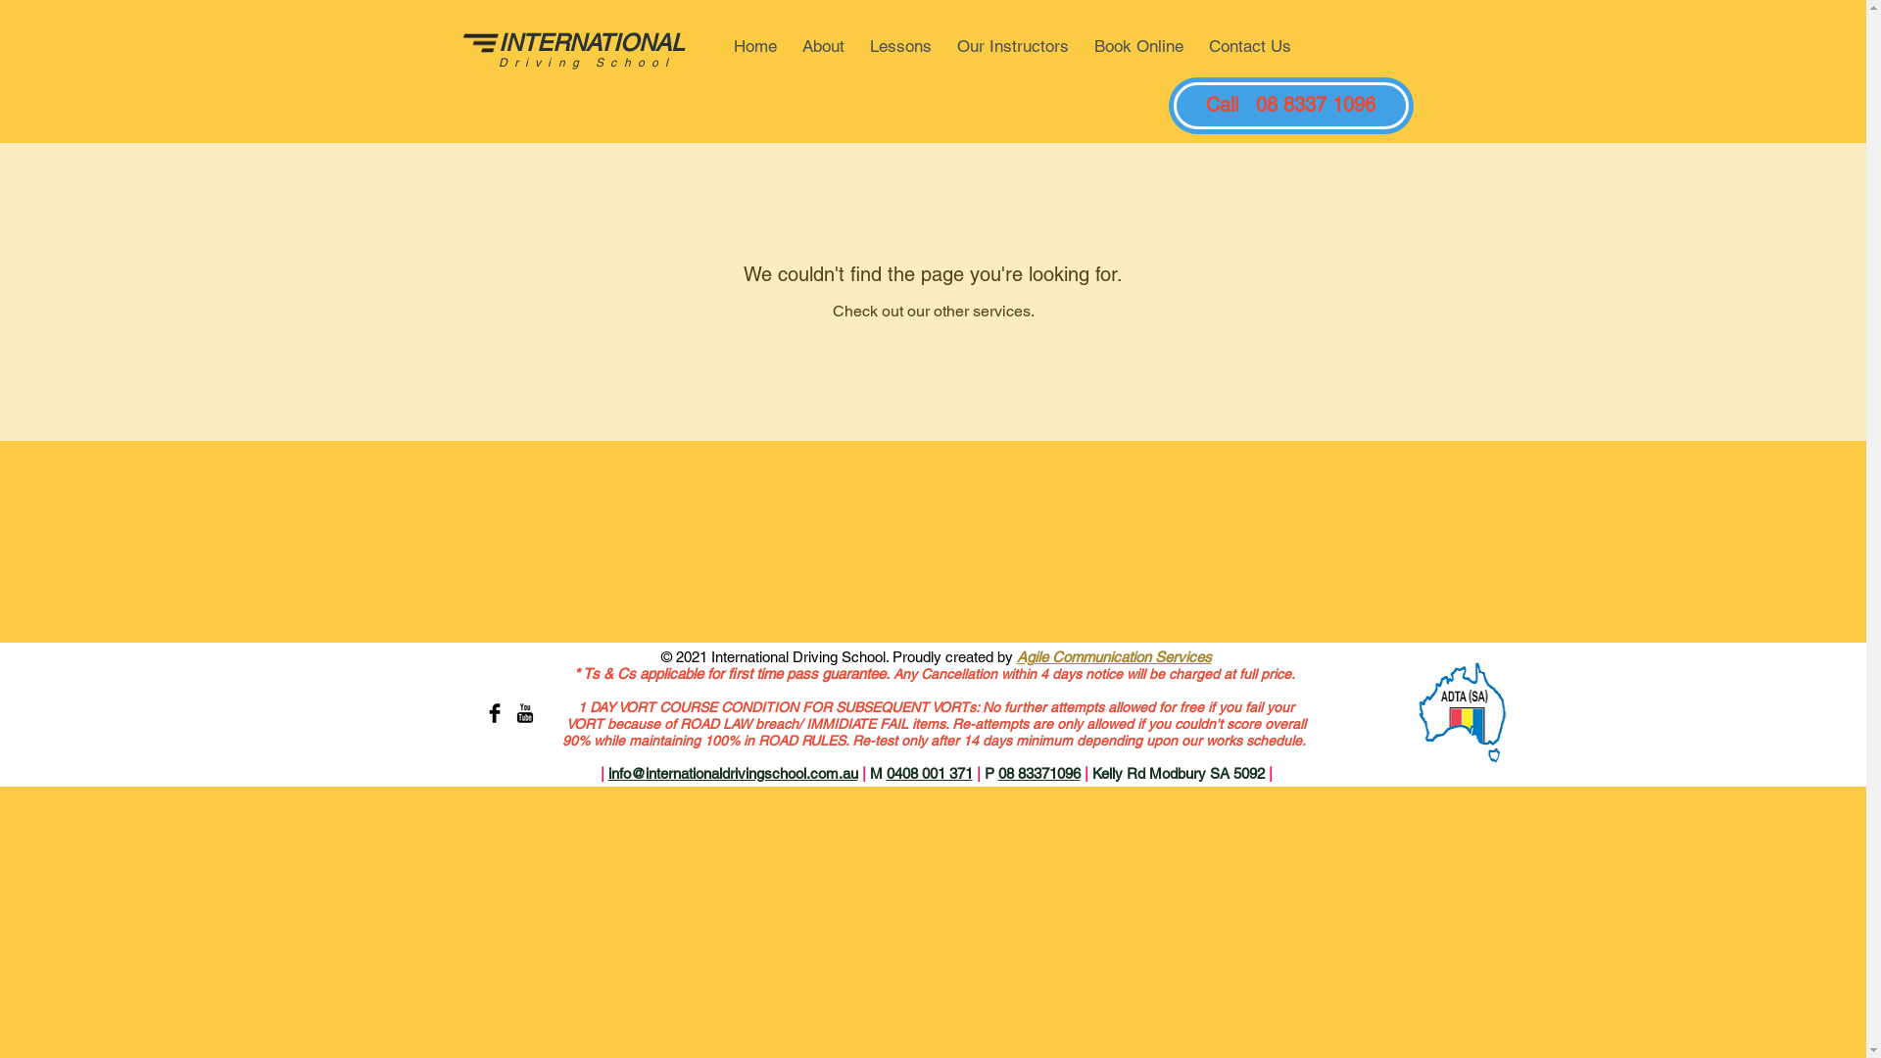 Image resolution: width=1881 pixels, height=1058 pixels. Describe the element at coordinates (884, 772) in the screenshot. I see `'0408 001 371'` at that location.